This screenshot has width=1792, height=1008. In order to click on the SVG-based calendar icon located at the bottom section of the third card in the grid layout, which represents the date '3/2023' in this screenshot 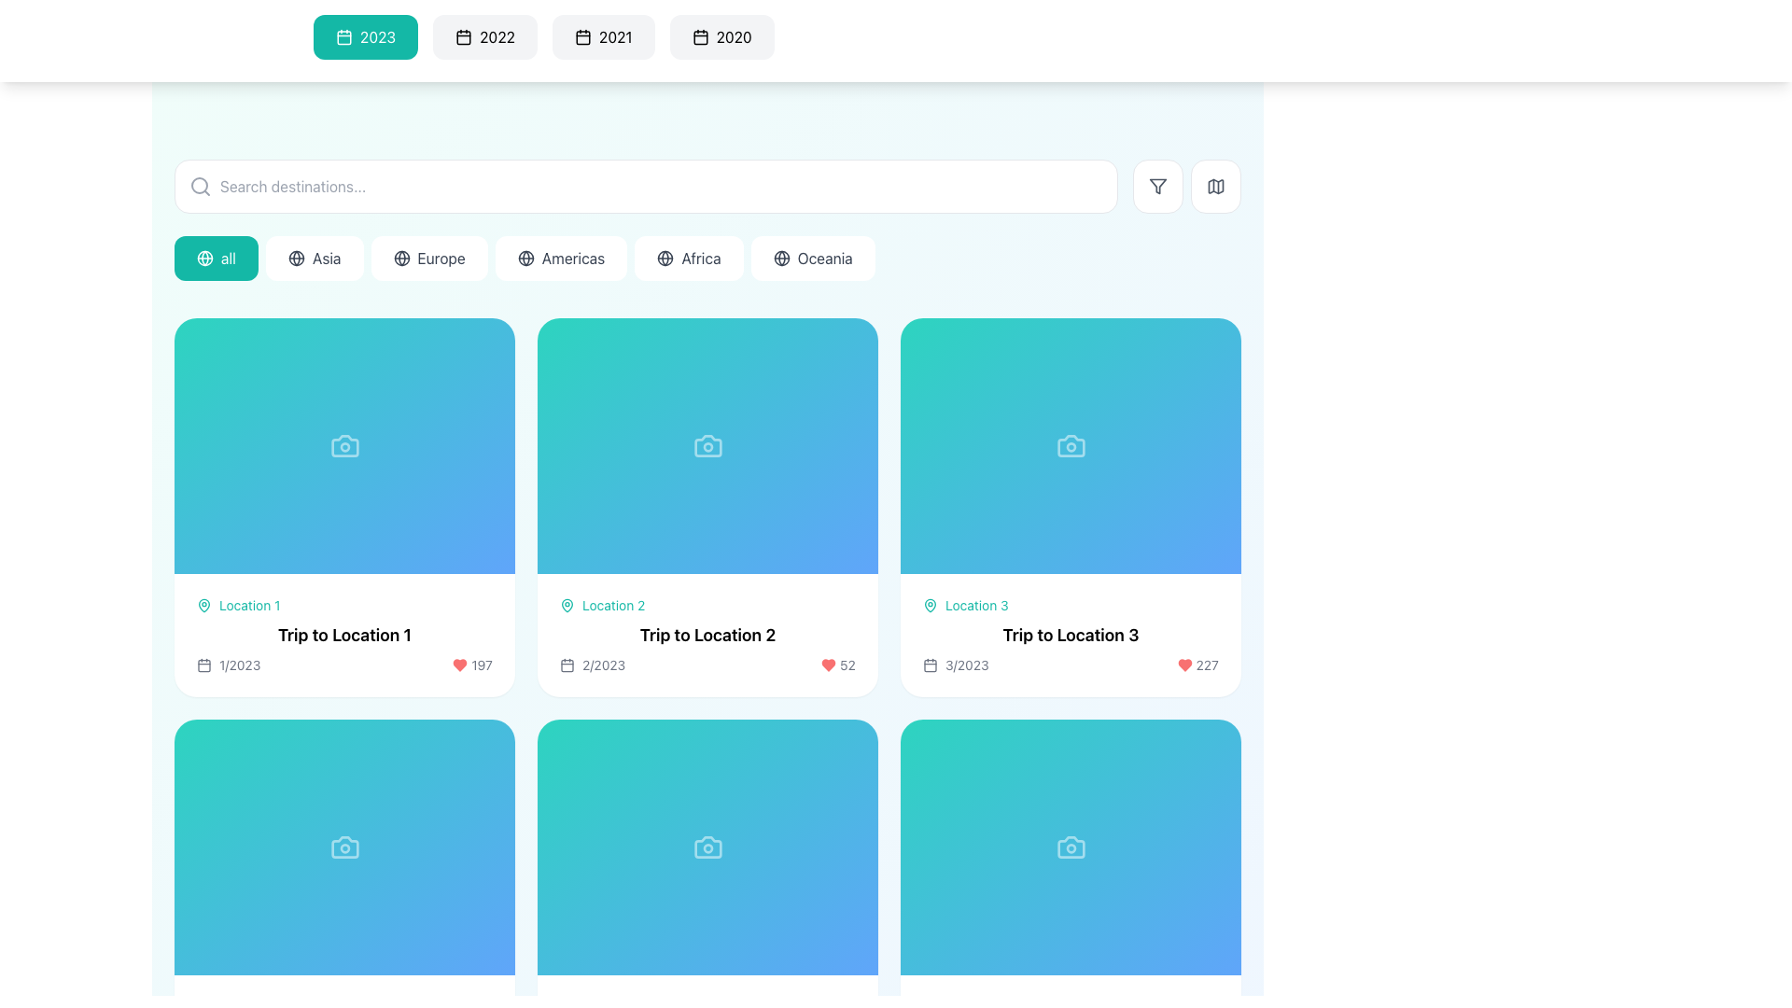, I will do `click(931, 664)`.